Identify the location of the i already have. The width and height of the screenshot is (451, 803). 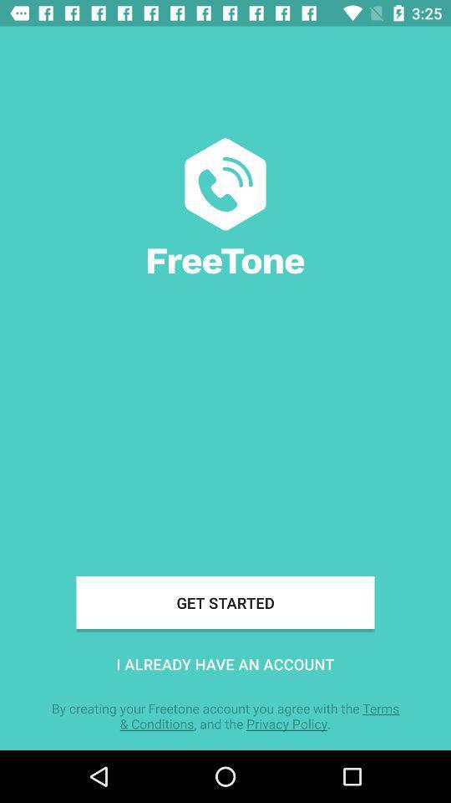
(225, 664).